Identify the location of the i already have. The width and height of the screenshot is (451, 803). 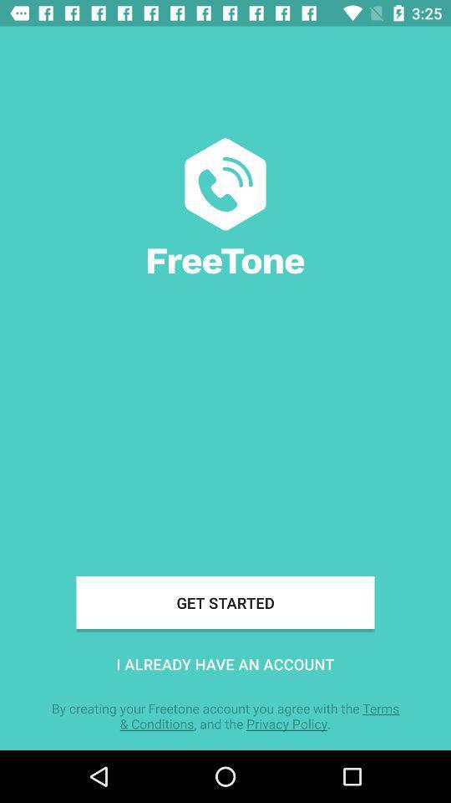
(225, 664).